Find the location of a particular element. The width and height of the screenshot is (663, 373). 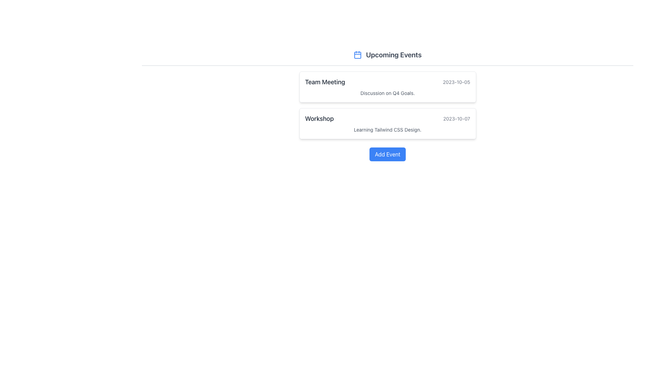

the text display showing the date '2023-10-05' located in the top-right corner of the 'Team Meeting' event card is located at coordinates (456, 82).